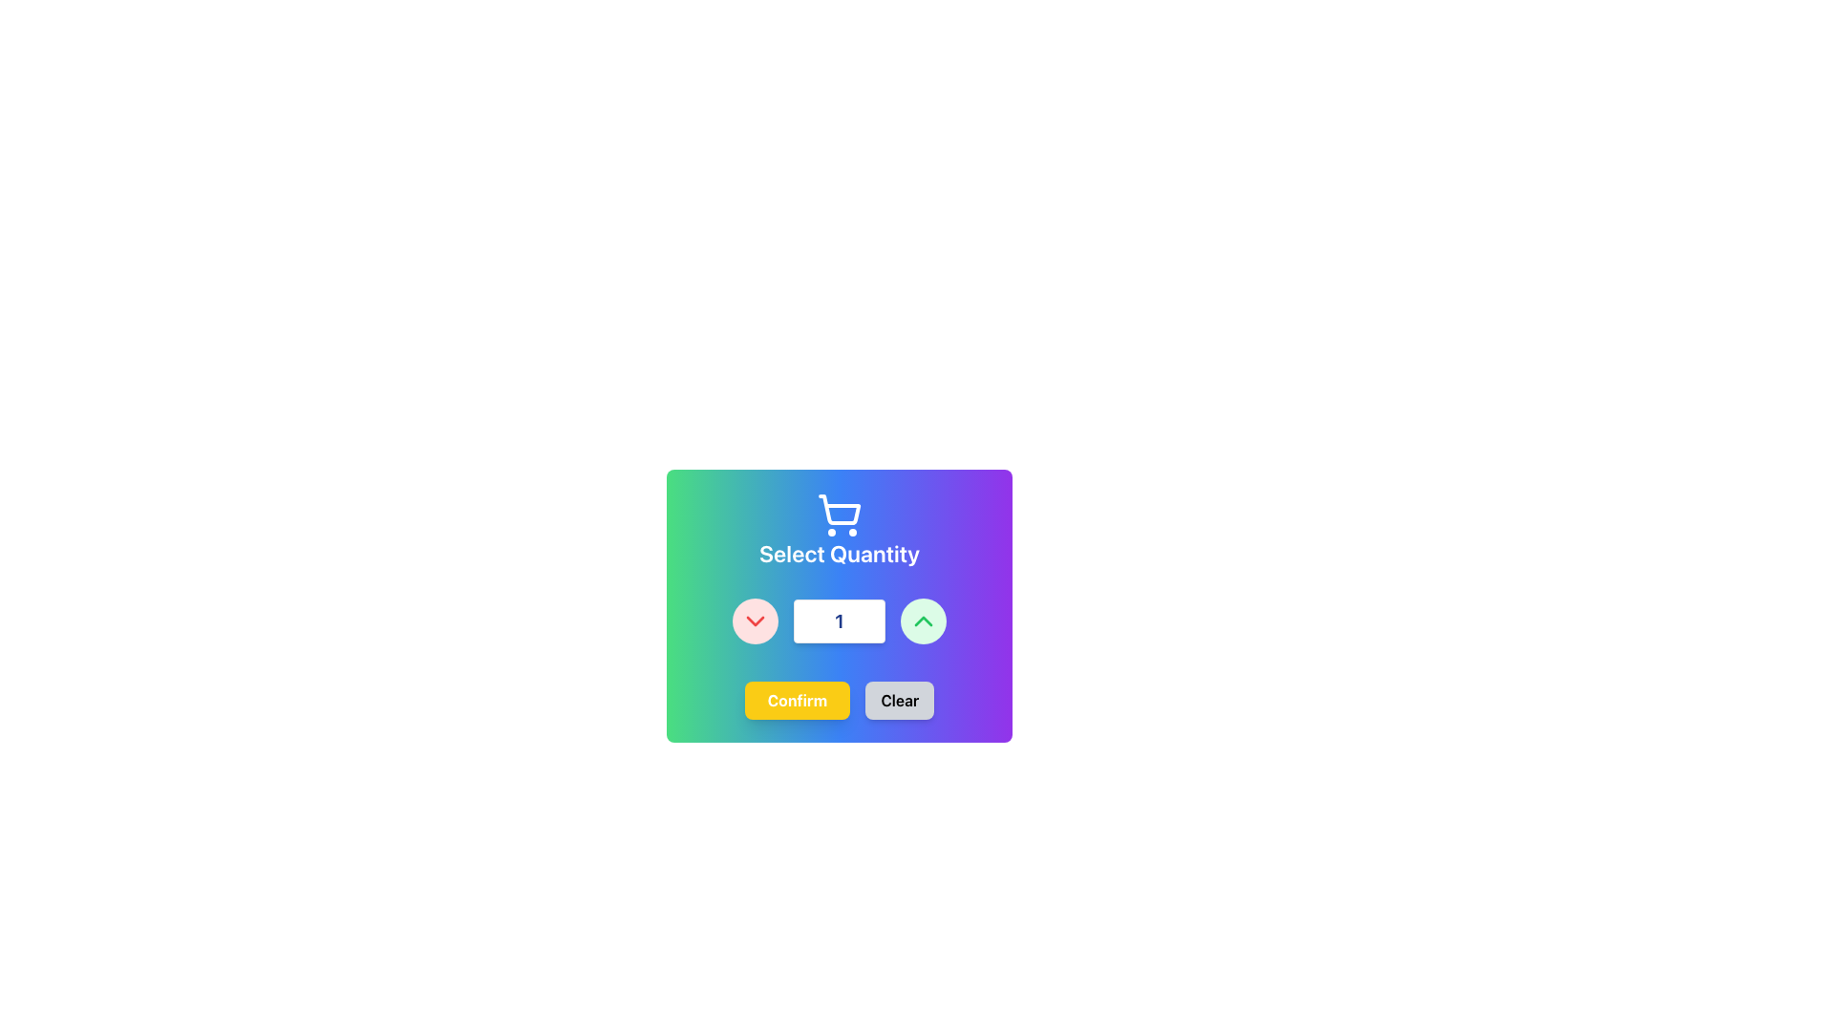 This screenshot has height=1031, width=1834. What do you see at coordinates (755, 621) in the screenshot?
I see `the decrement button located on the left side of the numeric input field that decreases the displayed quantity when clicked` at bounding box center [755, 621].